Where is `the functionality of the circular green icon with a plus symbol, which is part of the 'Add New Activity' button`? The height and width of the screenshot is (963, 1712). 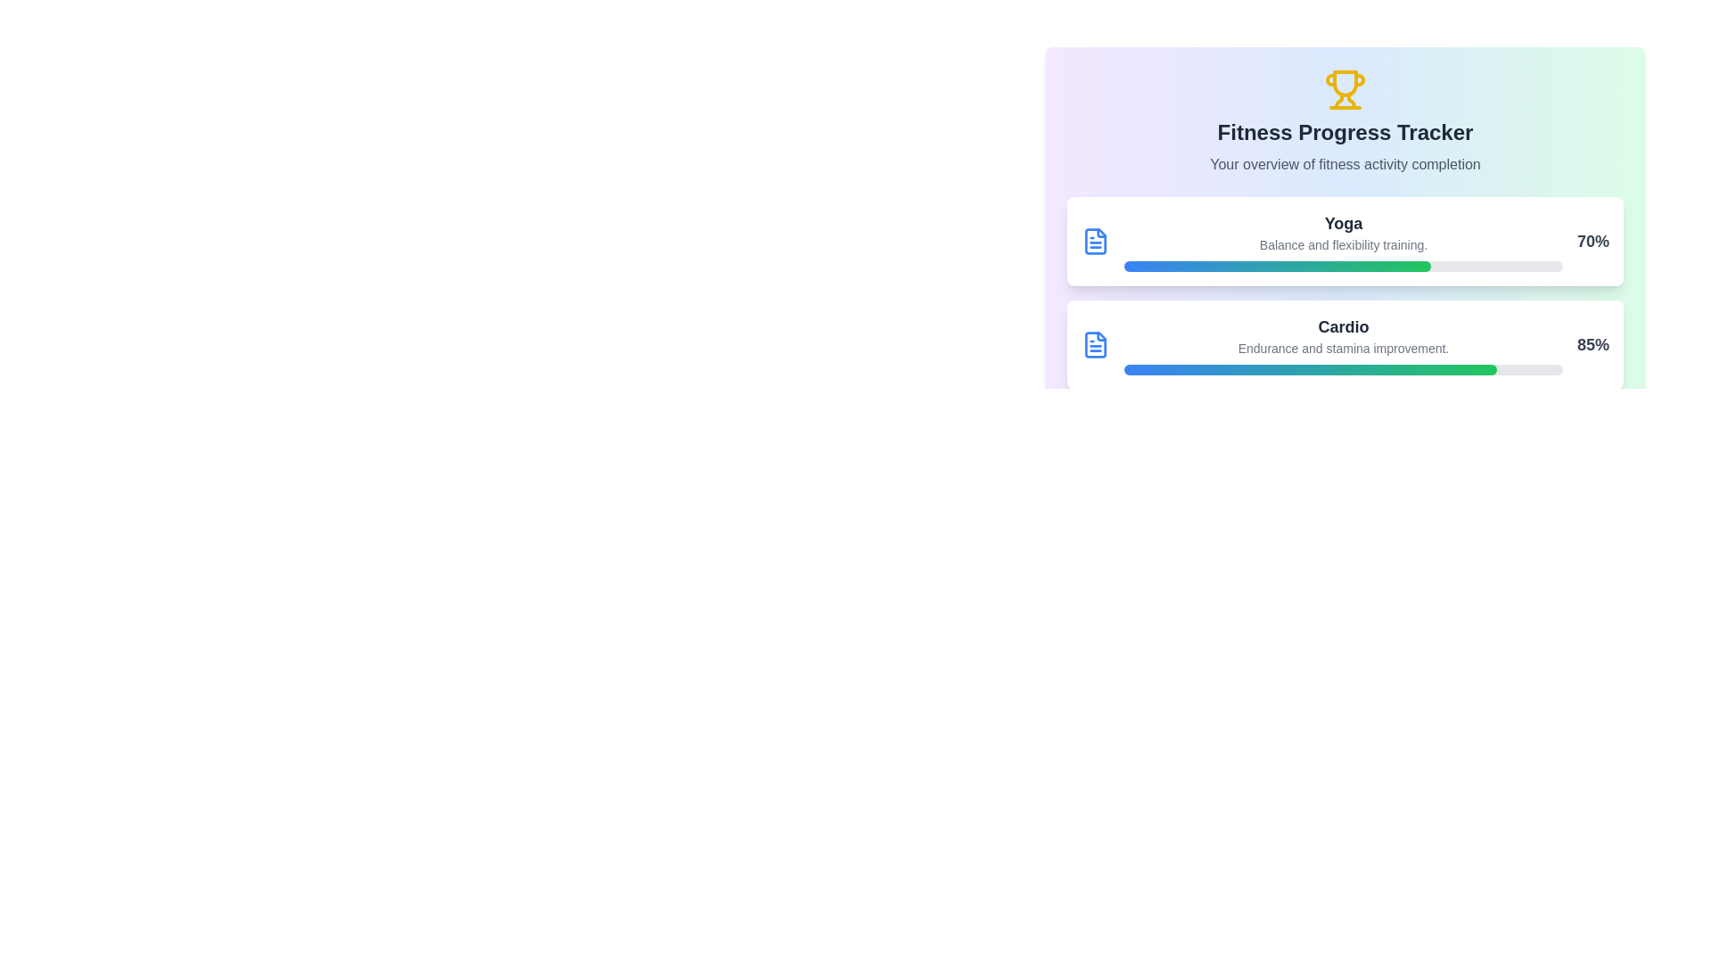
the functionality of the circular green icon with a plus symbol, which is part of the 'Add New Activity' button is located at coordinates (1284, 531).